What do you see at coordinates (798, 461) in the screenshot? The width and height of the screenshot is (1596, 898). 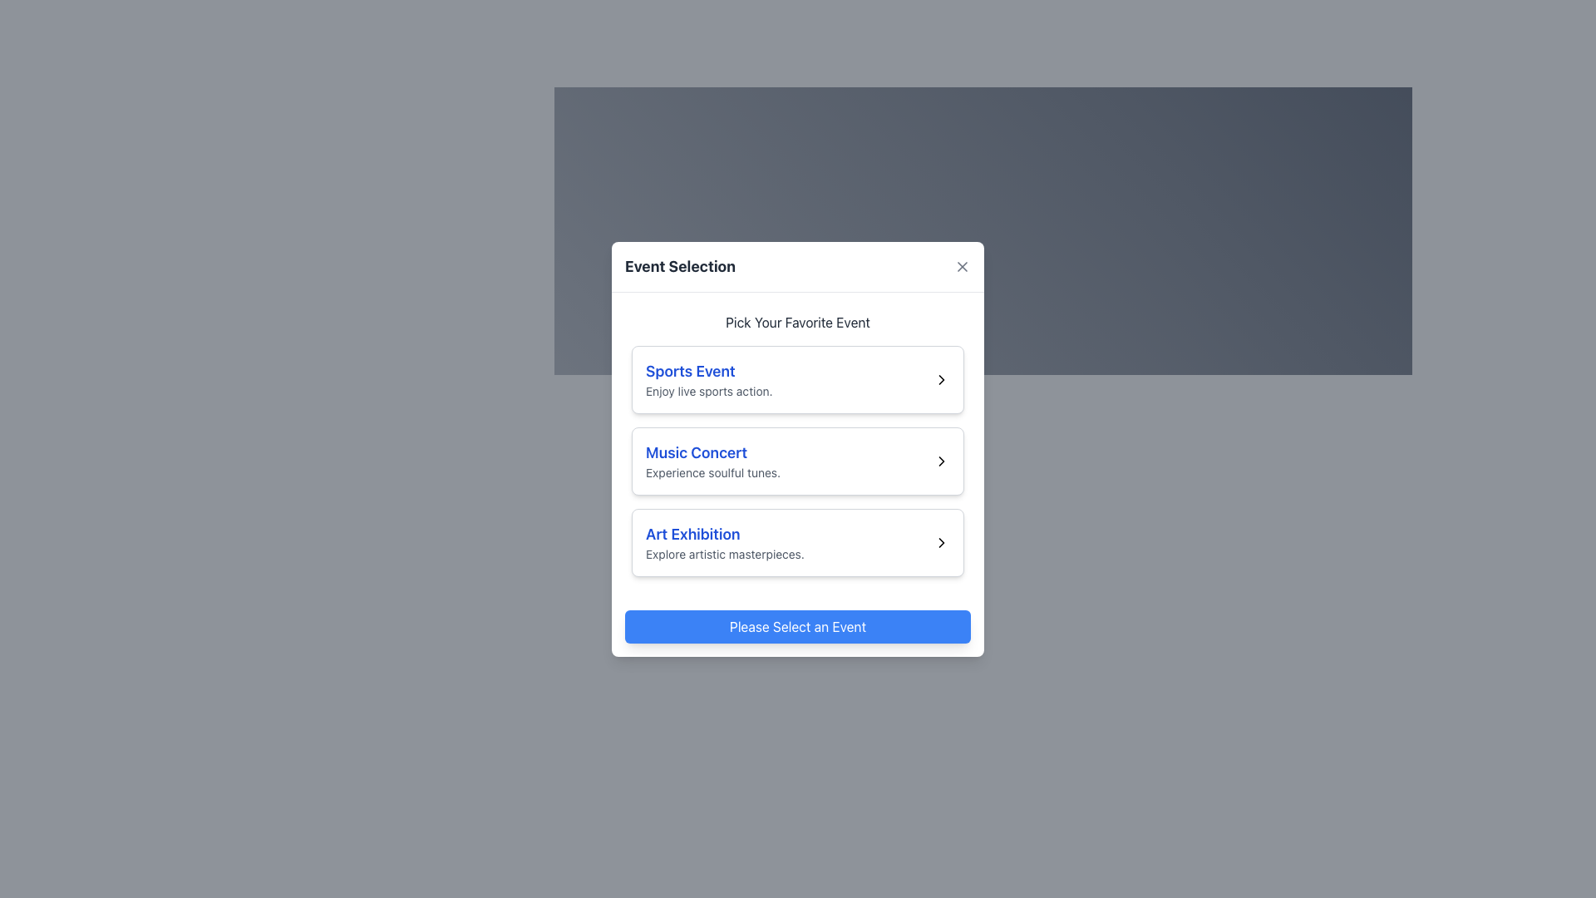 I see `the selectable option for 'Music Concerts', which is located between 'Sports Event' and 'Art Exhibition'` at bounding box center [798, 461].